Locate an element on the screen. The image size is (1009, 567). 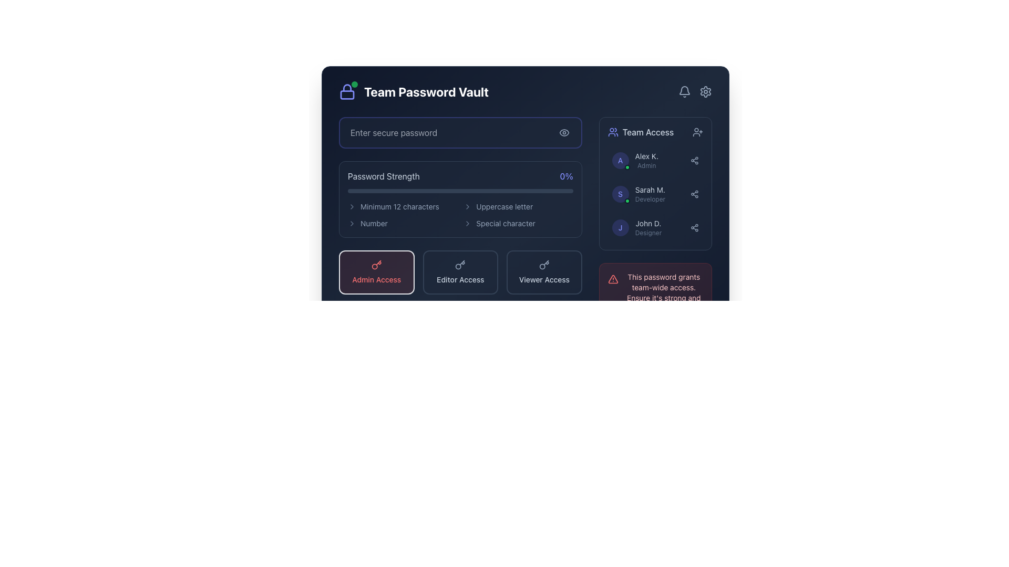
the eye icon button, which is slate-gray and located to the right of the 'Enter secure password' input field is located at coordinates (563, 132).